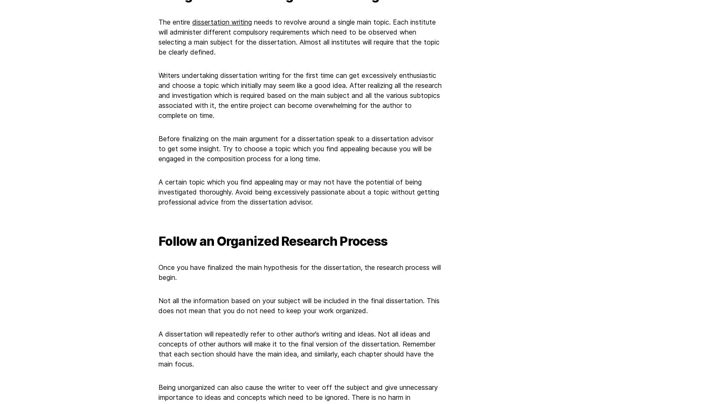  Describe the element at coordinates (297, 348) in the screenshot. I see `'A dissertation will repeatedly refer to other author’s writing and ideas. Not all ideas and concepts of other authors will make it to the final version of the dissertation. Remember that each section should have the main idea, and similarly, each chapter should have the main focus.'` at that location.